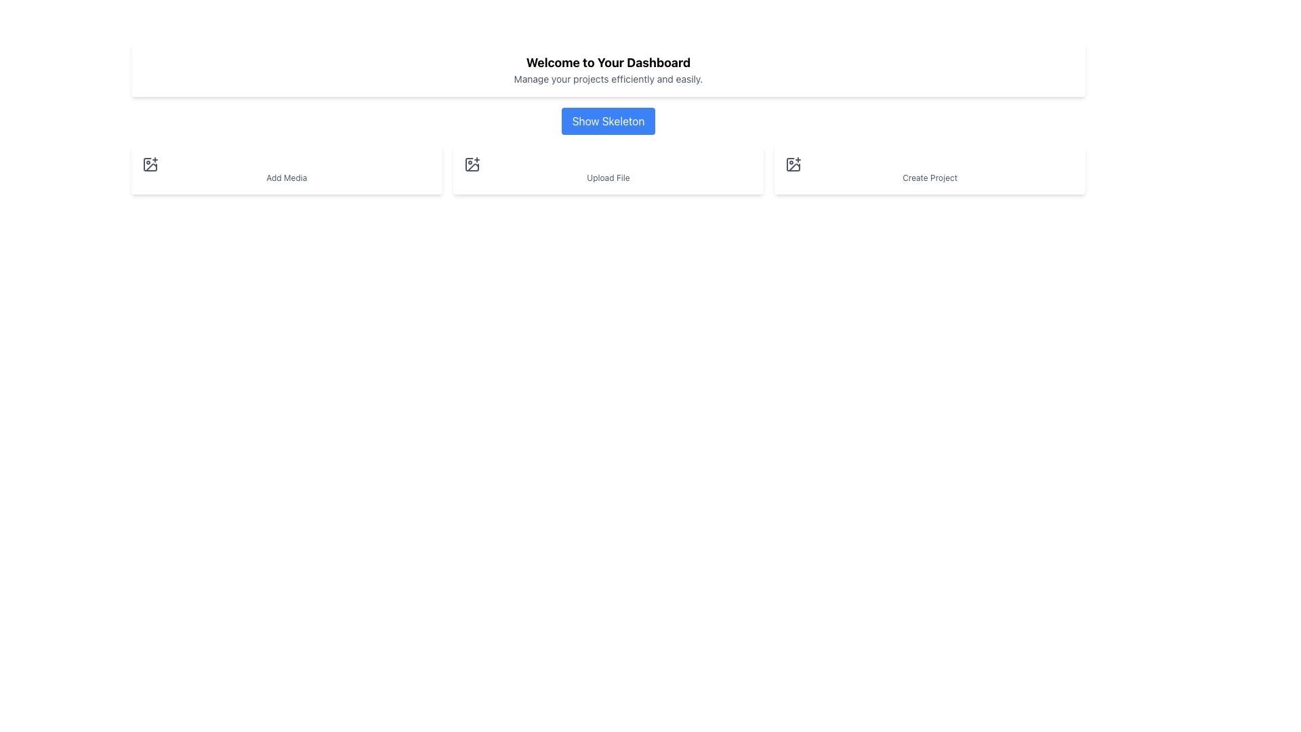  What do you see at coordinates (607, 120) in the screenshot?
I see `the rectangular button with rounded edges that has a blue background and white text reading 'Show Skeleton' to initiate a visual state change` at bounding box center [607, 120].